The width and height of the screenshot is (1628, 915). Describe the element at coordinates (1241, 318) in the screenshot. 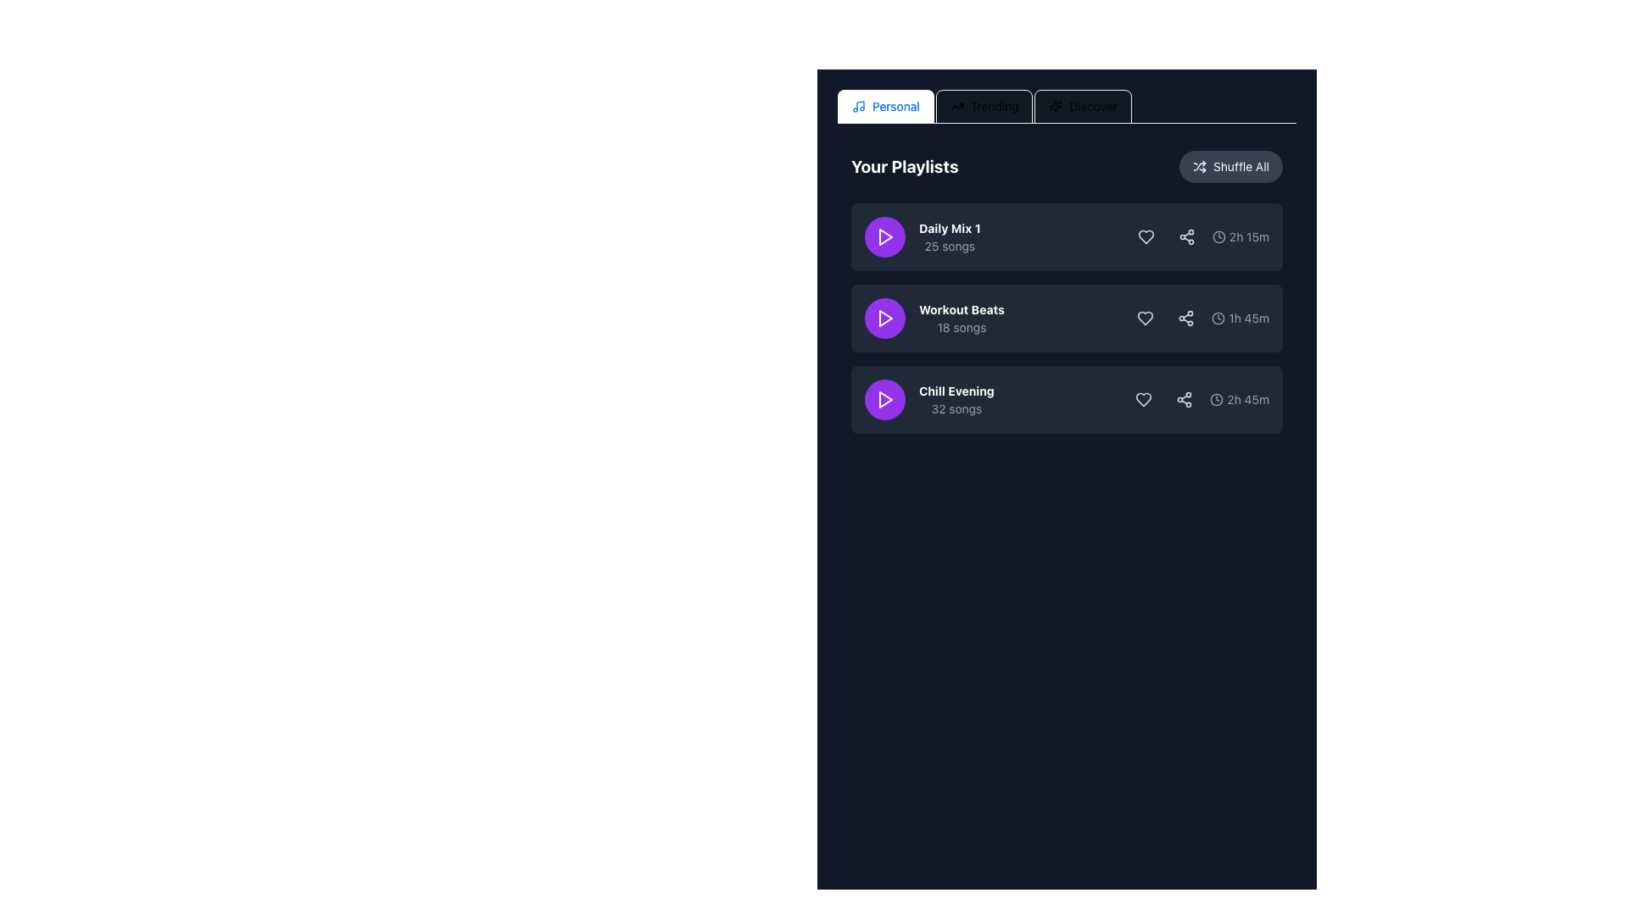

I see `the total duration label of the 'Workout Beats' playlist, which is located on the right side of the playlist row, just before the other time indicators` at that location.